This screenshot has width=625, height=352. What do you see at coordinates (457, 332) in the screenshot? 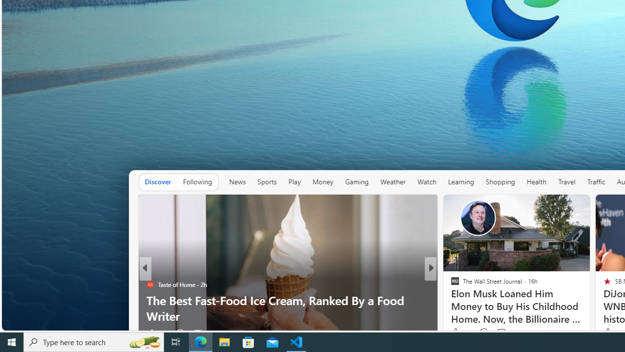
I see `'514 Like'` at bounding box center [457, 332].